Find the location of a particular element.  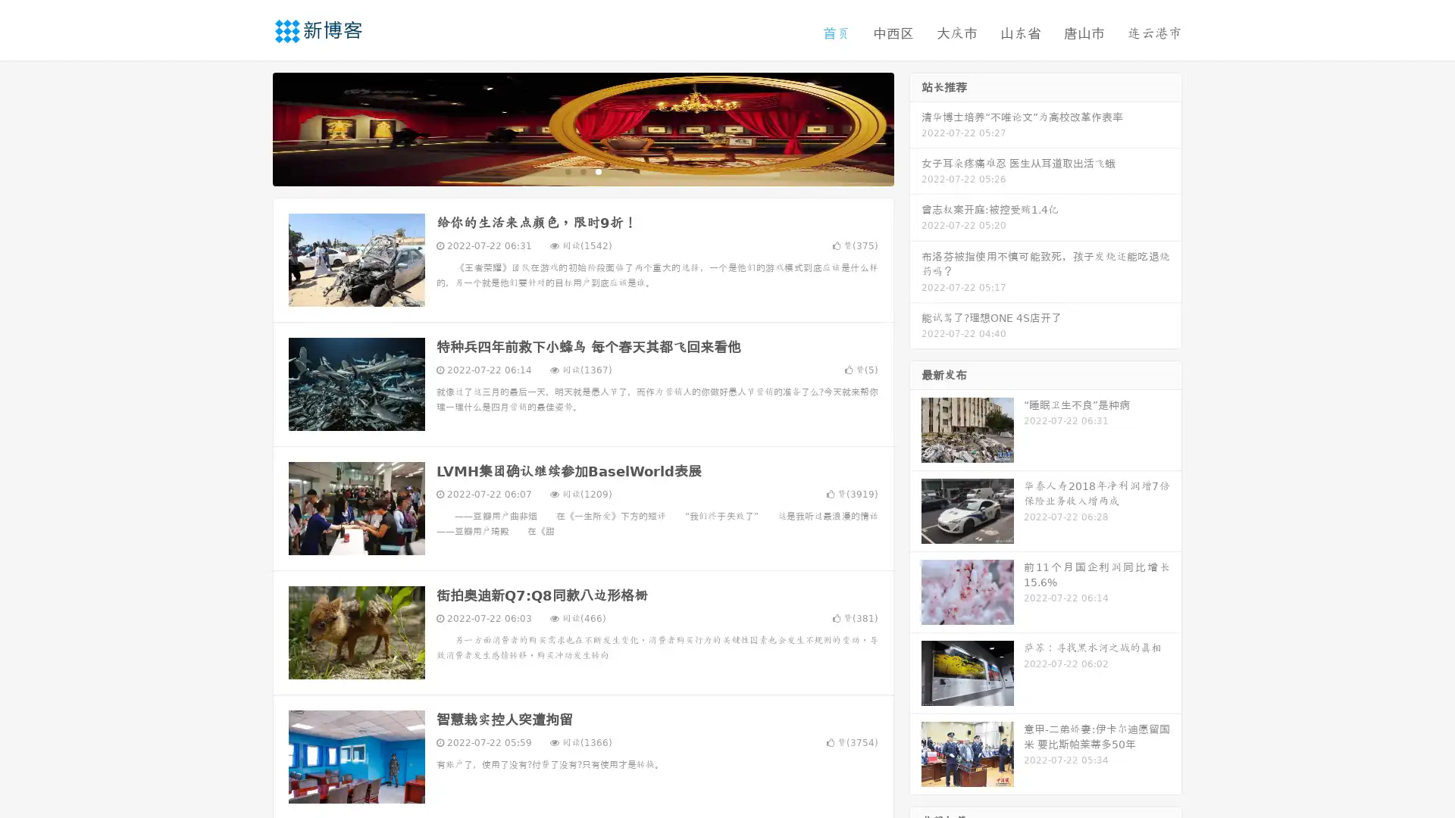

Go to slide 3 is located at coordinates (598, 170).